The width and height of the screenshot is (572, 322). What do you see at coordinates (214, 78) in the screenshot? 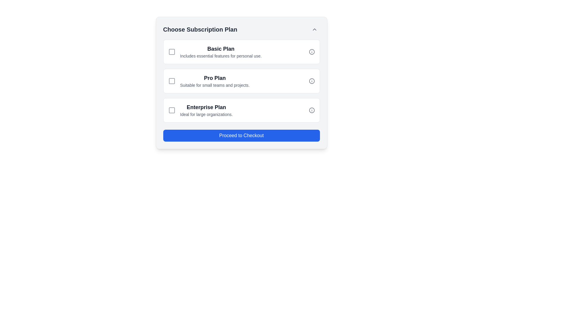
I see `the 'Pro Plan' text label, which is prominently styled with bold, larger font and is dark gray or black in color, located centrally between the 'Basic Plan' and 'Enterprise Plan' sections` at bounding box center [214, 78].